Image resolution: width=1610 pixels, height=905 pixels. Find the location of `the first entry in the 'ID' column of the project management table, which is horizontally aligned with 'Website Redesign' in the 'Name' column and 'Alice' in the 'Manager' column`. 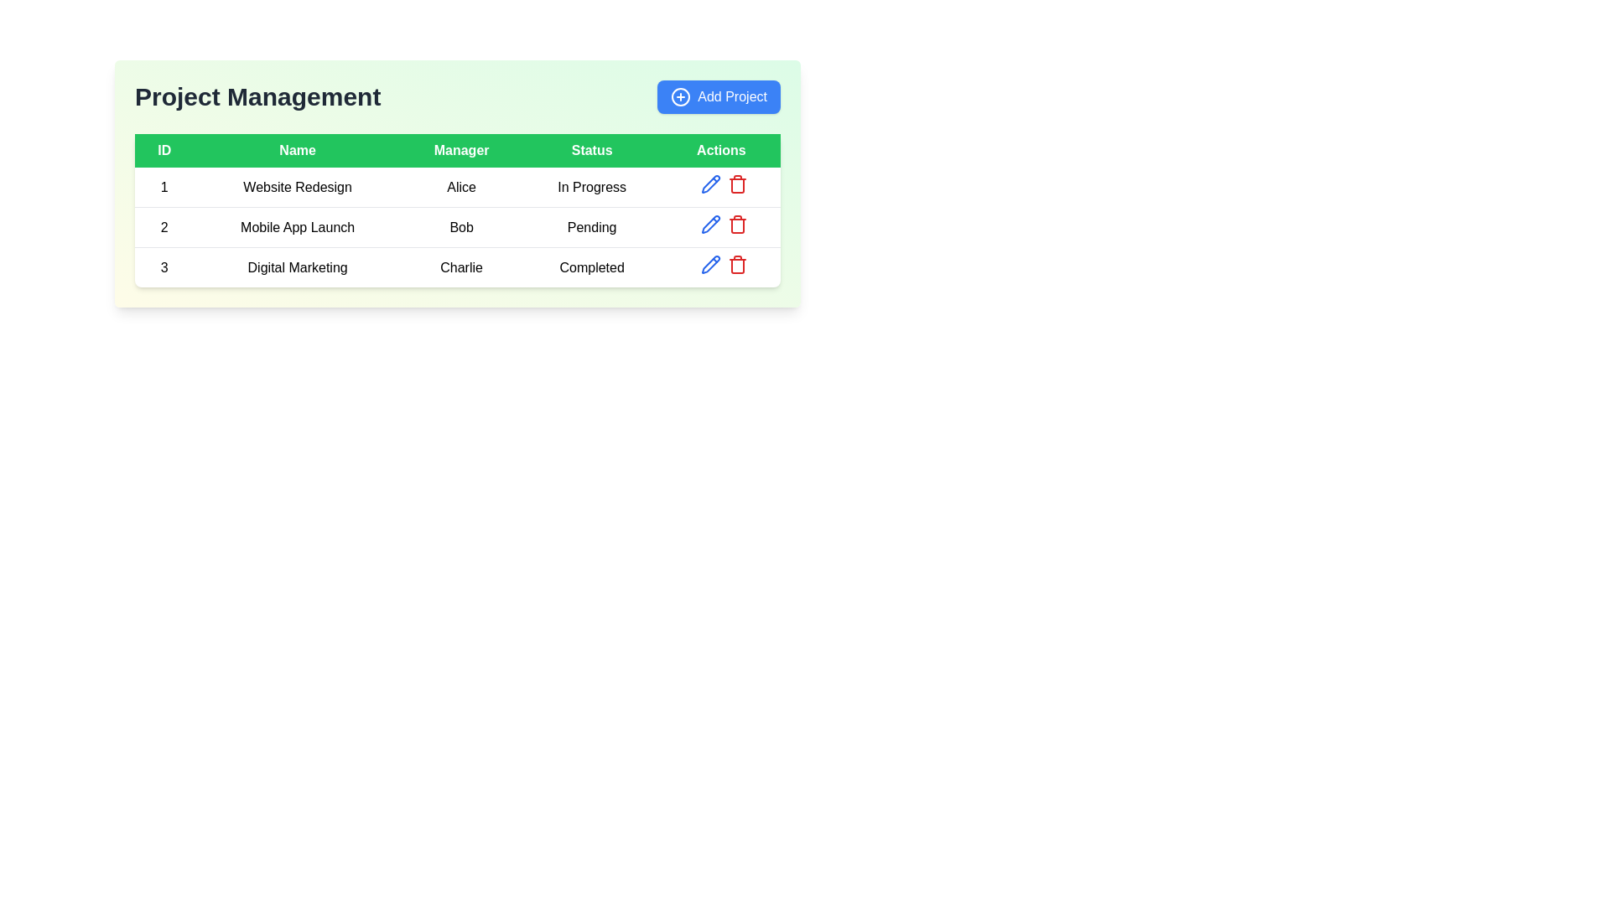

the first entry in the 'ID' column of the project management table, which is horizontally aligned with 'Website Redesign' in the 'Name' column and 'Alice' in the 'Manager' column is located at coordinates (164, 187).